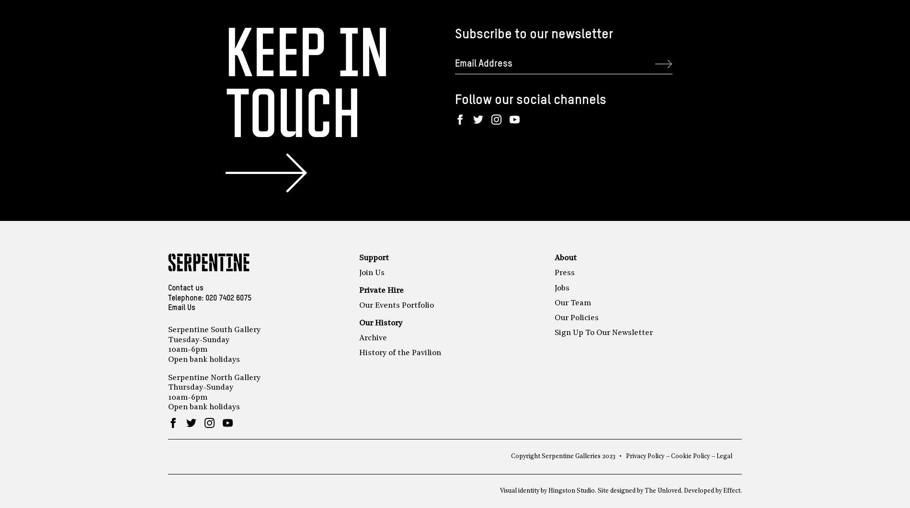 The width and height of the screenshot is (910, 508). I want to click on 'Join Us', so click(358, 273).